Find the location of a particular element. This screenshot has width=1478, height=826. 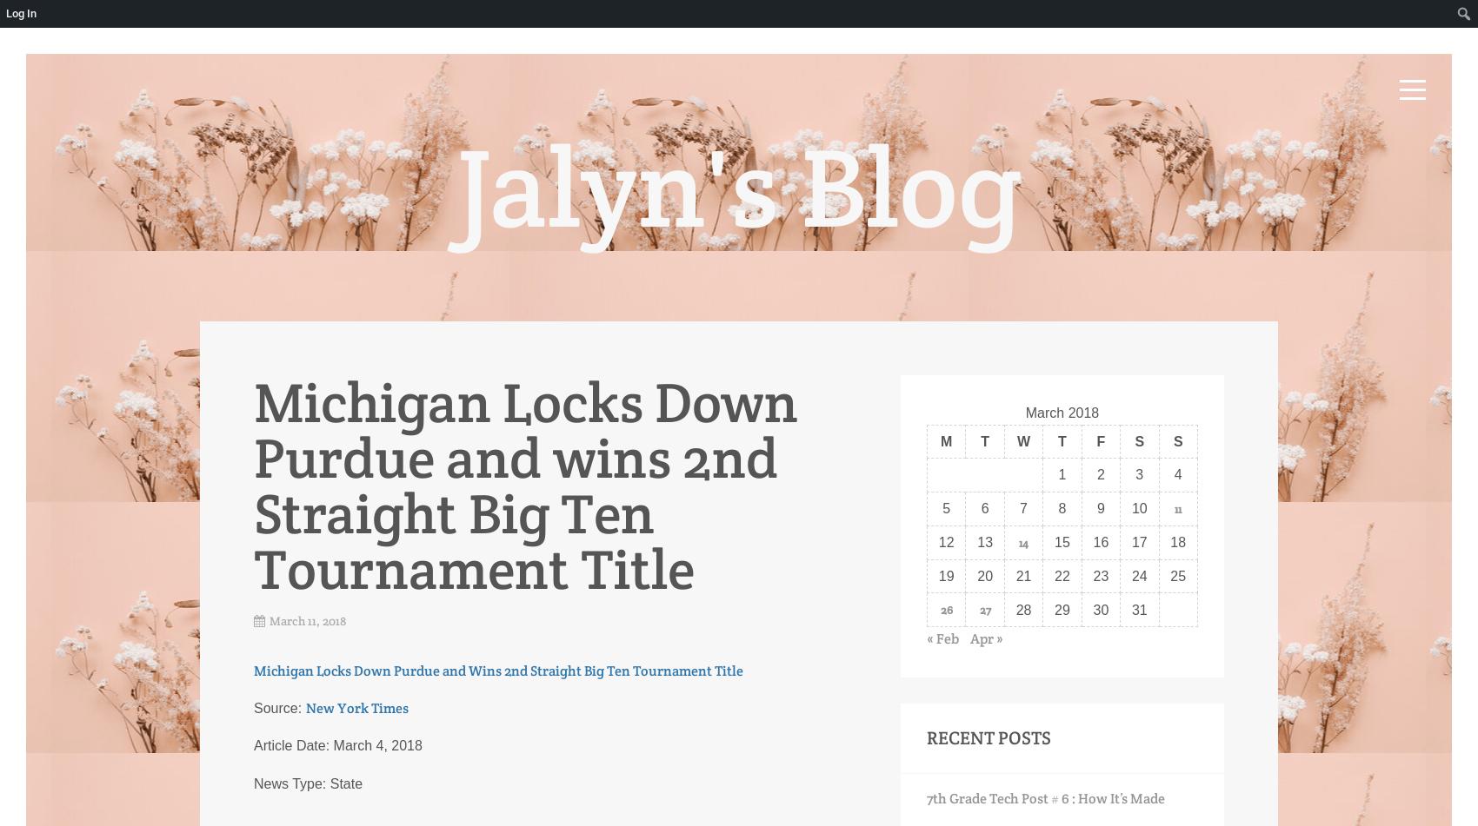

'12' is located at coordinates (946, 541).